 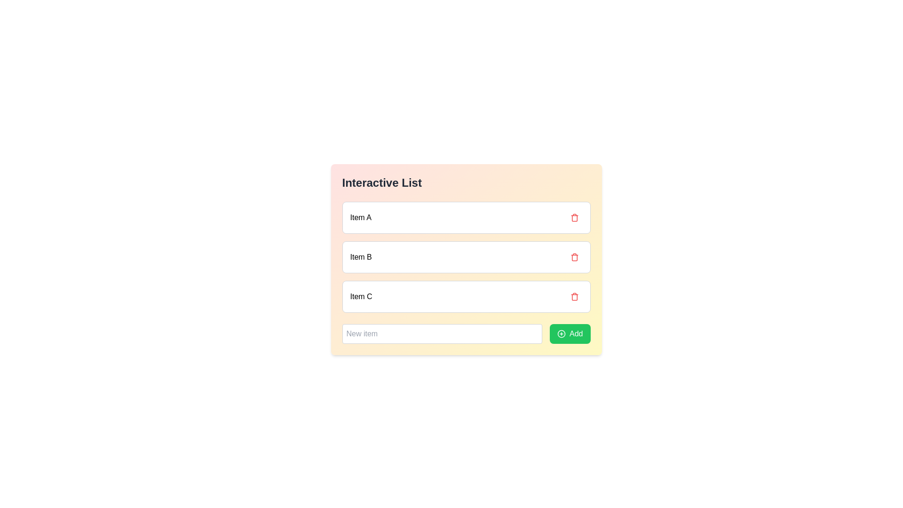 I want to click on text from the Text Label that serves as a title or heading for the interactive list section below, so click(x=382, y=183).